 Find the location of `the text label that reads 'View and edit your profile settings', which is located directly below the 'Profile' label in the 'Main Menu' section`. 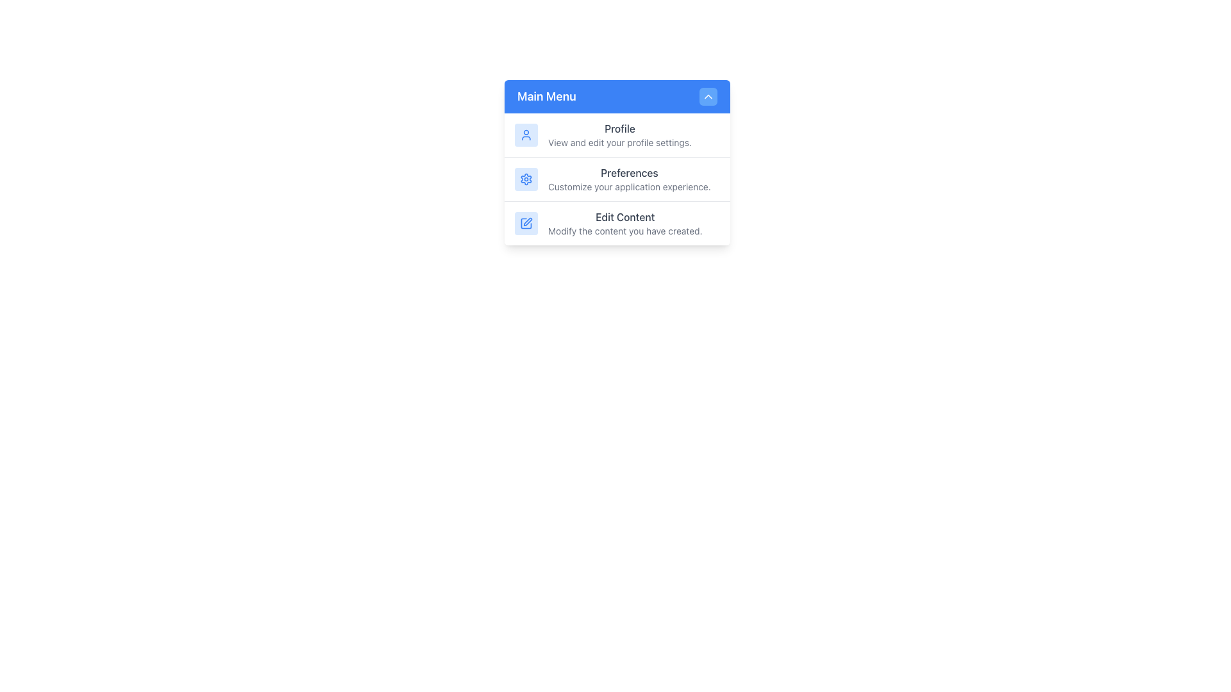

the text label that reads 'View and edit your profile settings', which is located directly below the 'Profile' label in the 'Main Menu' section is located at coordinates (619, 143).